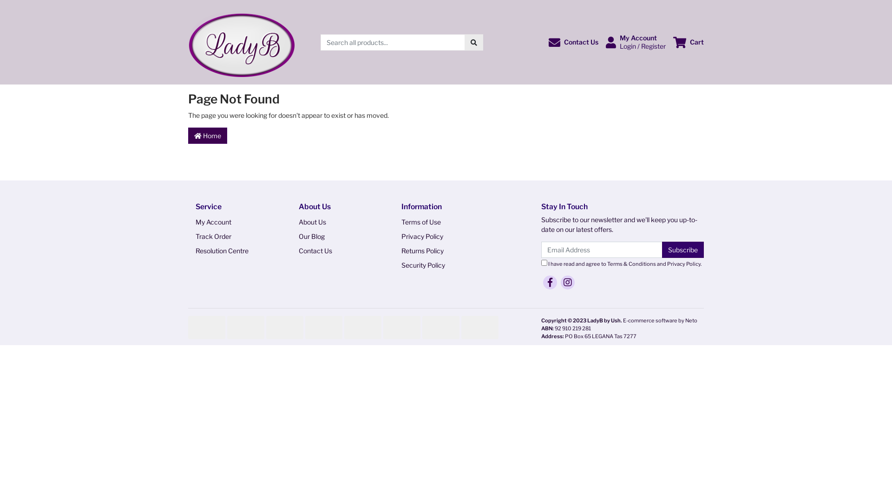  Describe the element at coordinates (207, 135) in the screenshot. I see `'Home'` at that location.